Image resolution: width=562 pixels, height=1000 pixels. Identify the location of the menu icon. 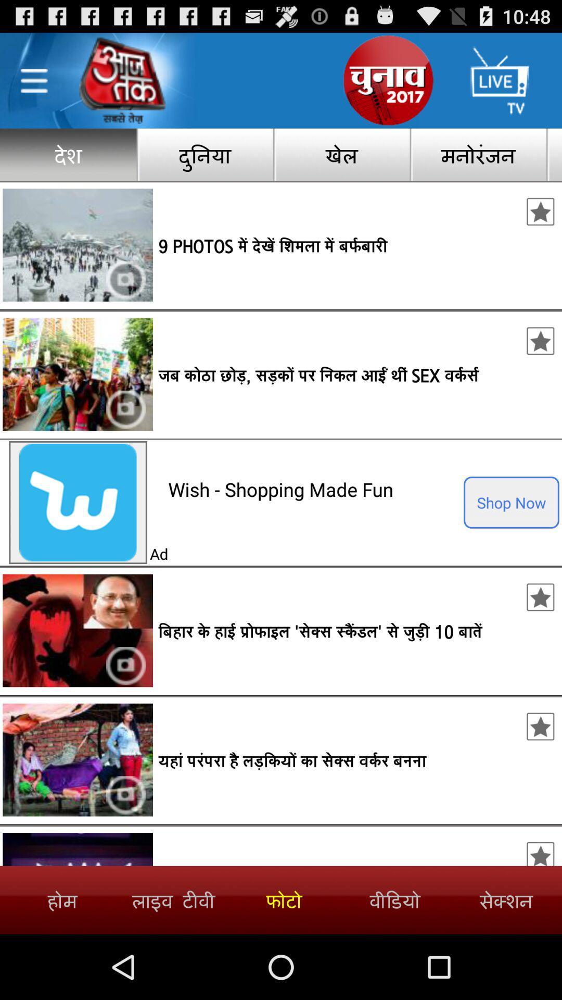
(33, 86).